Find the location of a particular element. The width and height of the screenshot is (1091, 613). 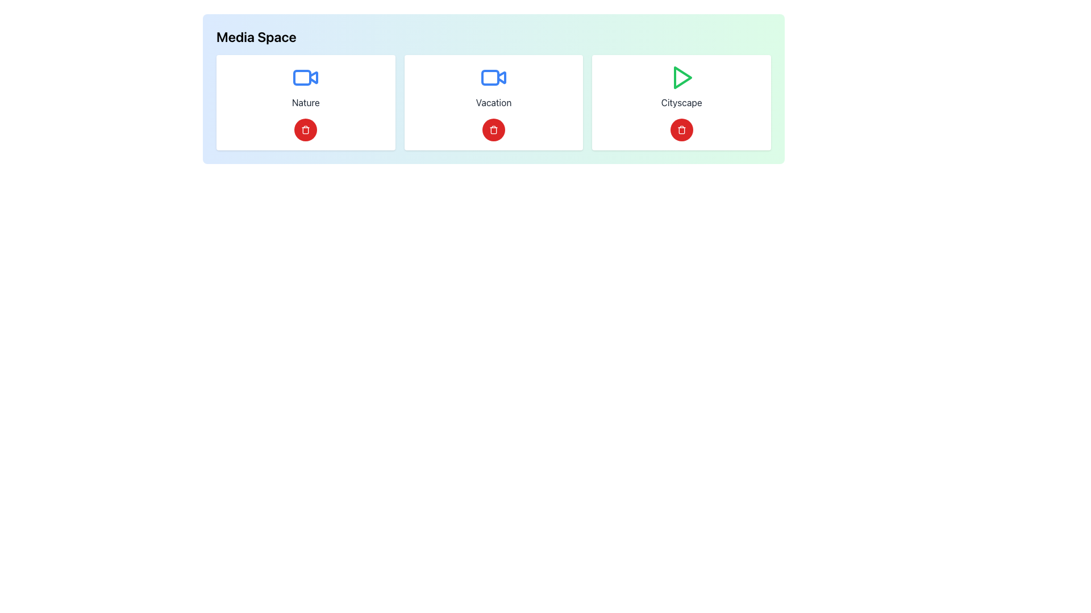

the delete button located at the bottom-center of the 'Nature' card is located at coordinates (306, 129).